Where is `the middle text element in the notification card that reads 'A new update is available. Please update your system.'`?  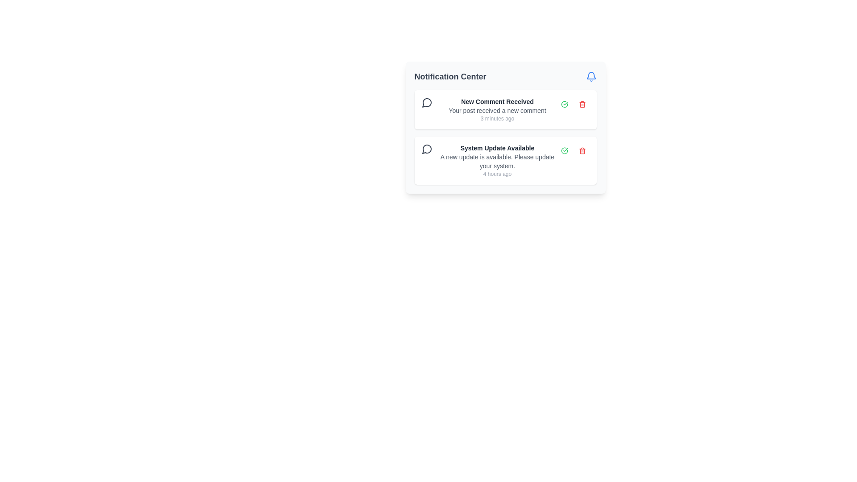
the middle text element in the notification card that reads 'A new update is available. Please update your system.' is located at coordinates (497, 162).